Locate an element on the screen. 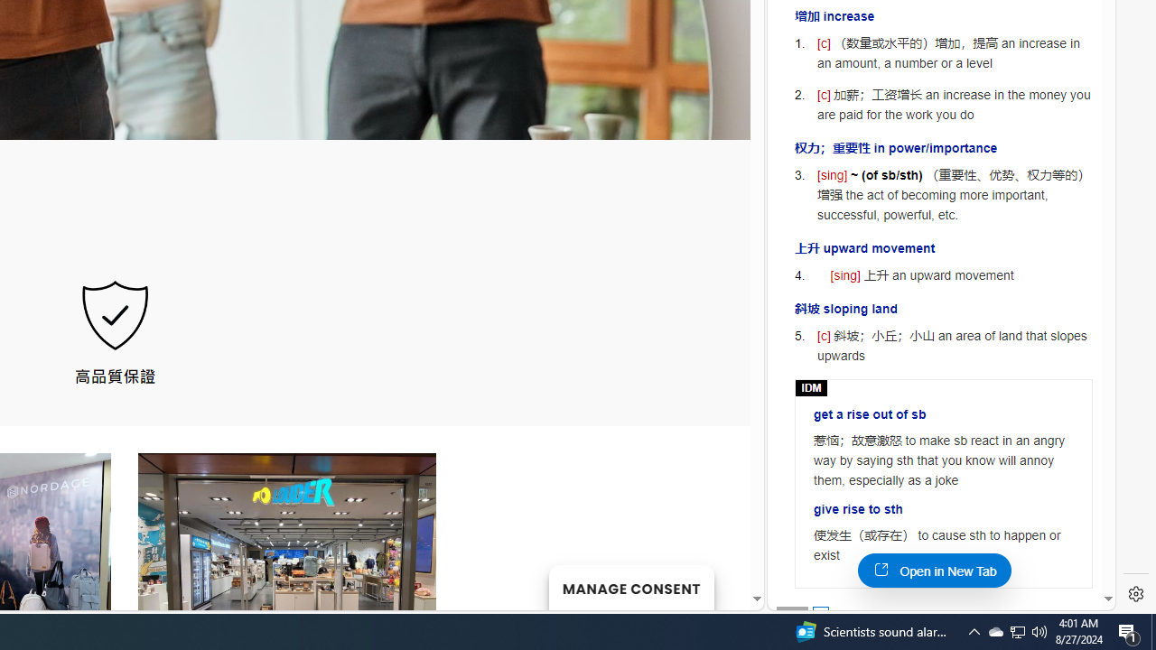 This screenshot has height=650, width=1156. 'AutomationID: posbtn_1' is located at coordinates (819, 613).